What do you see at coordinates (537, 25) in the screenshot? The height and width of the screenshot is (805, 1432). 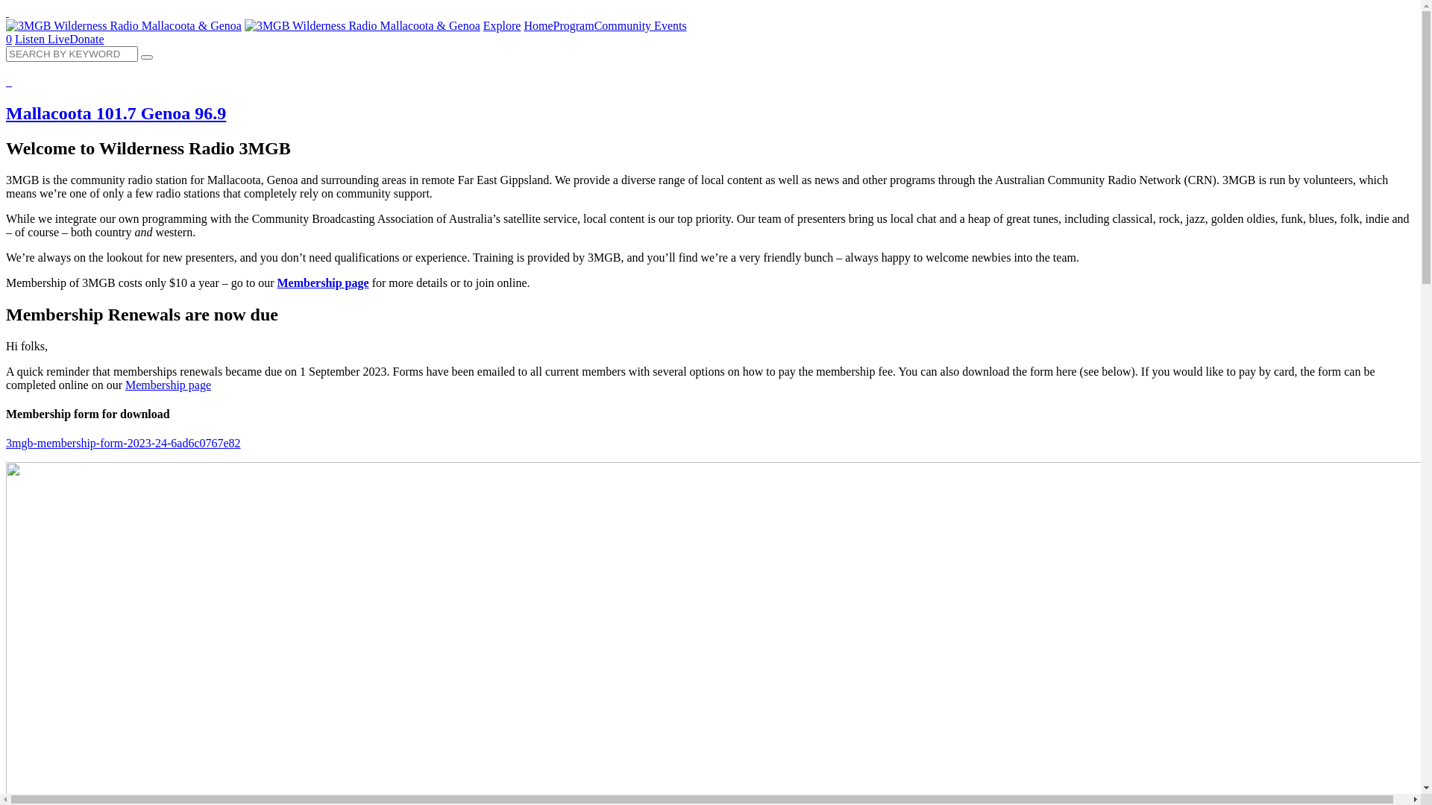 I see `'Home'` at bounding box center [537, 25].